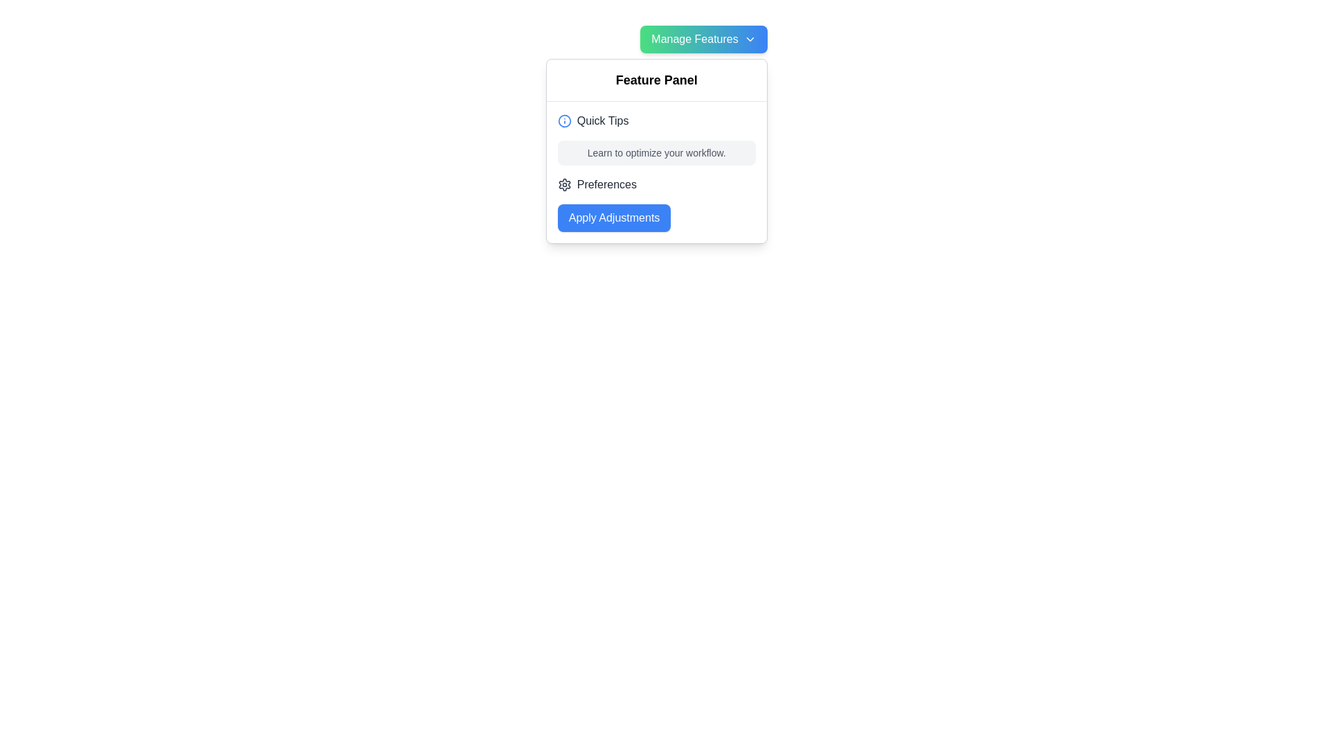 The image size is (1329, 748). Describe the element at coordinates (749, 39) in the screenshot. I see `the downward-pointing chevron icon located at the right end of the 'Manage Features' button` at that location.